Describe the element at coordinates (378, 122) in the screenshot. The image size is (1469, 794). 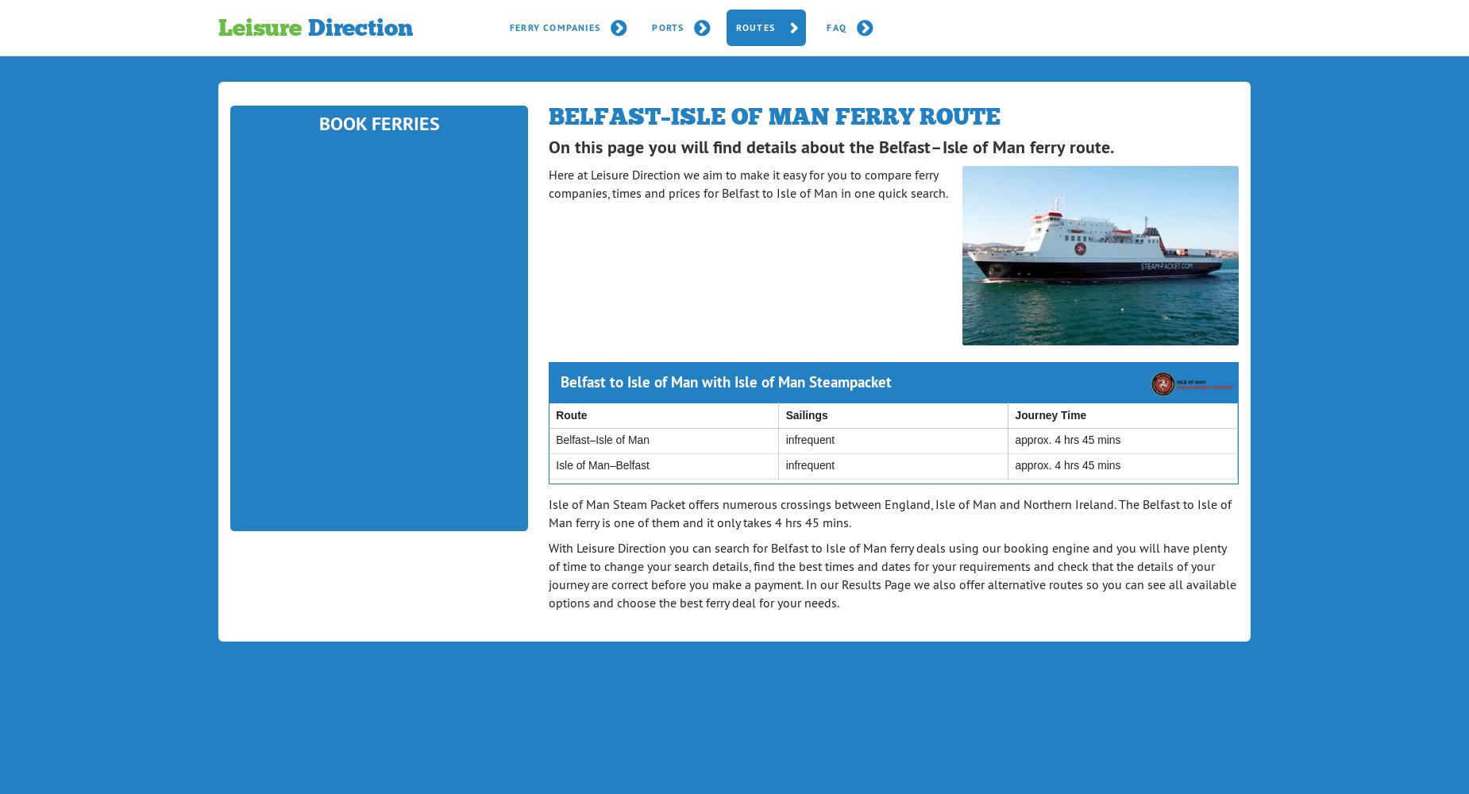
I see `'Book Ferries'` at that location.